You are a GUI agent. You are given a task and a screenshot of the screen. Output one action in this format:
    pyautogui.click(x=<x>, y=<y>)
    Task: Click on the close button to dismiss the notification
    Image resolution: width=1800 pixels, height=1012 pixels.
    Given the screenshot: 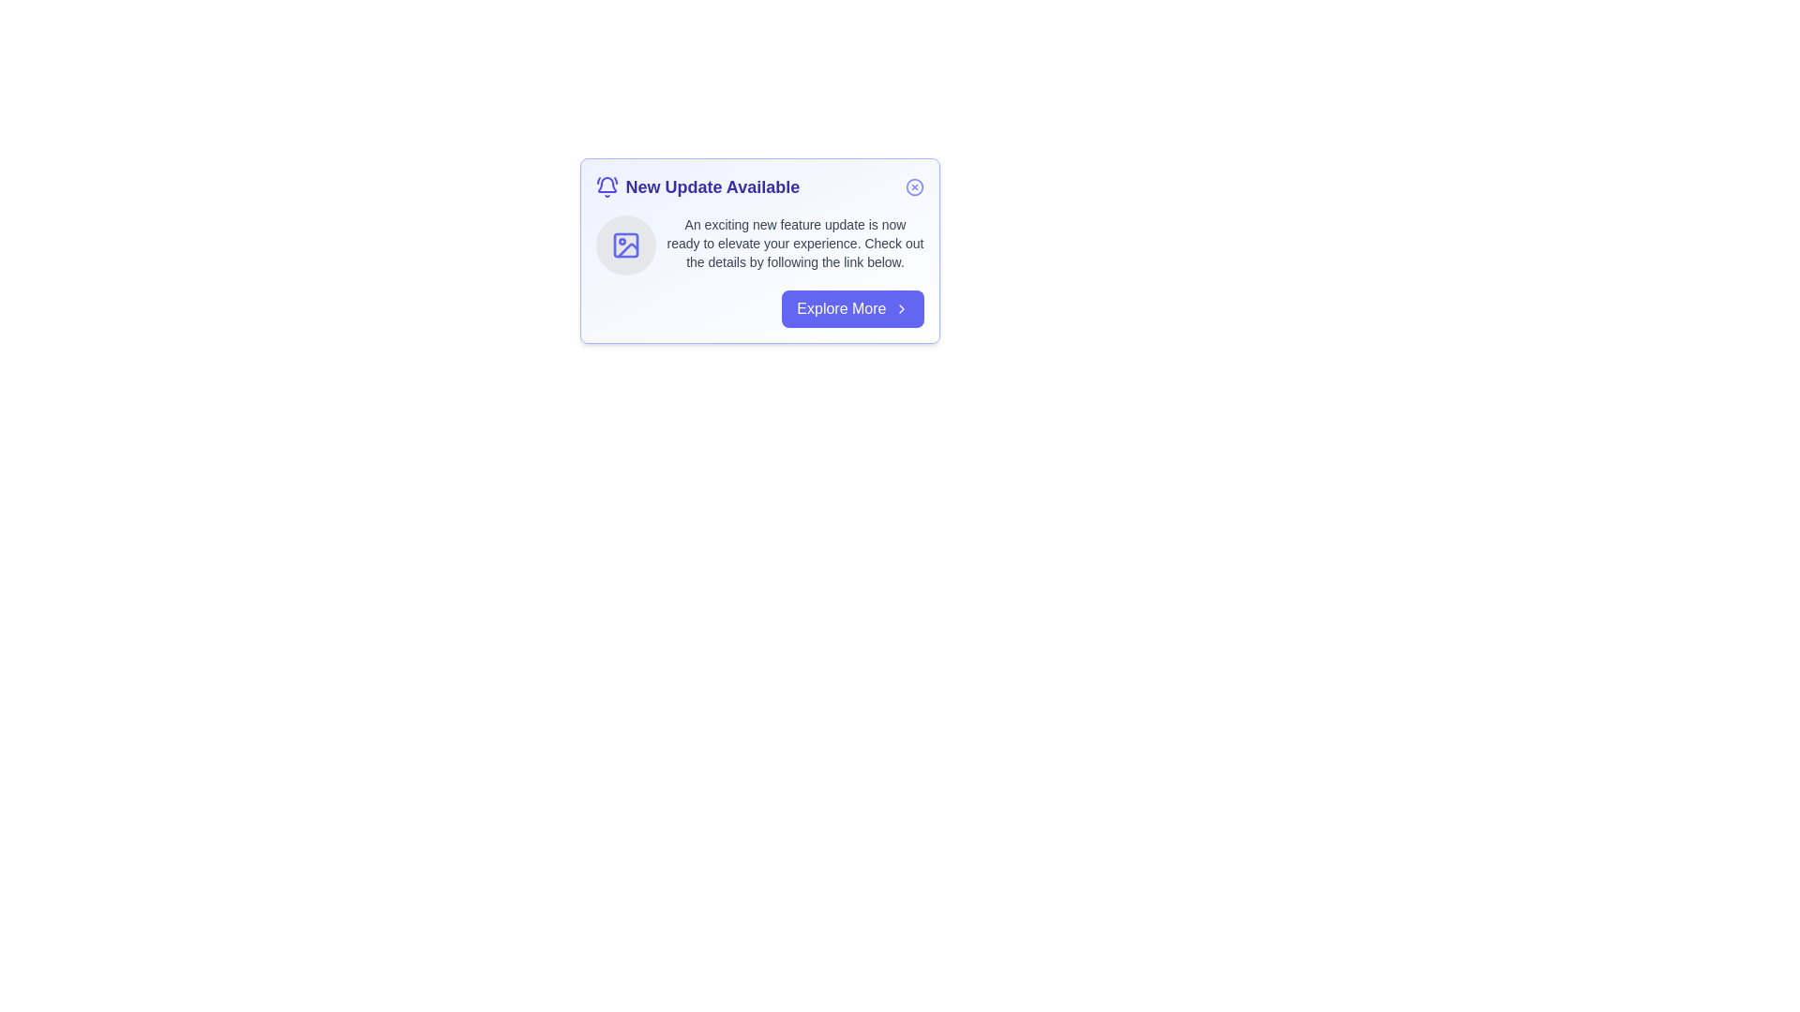 What is the action you would take?
    pyautogui.click(x=914, y=187)
    